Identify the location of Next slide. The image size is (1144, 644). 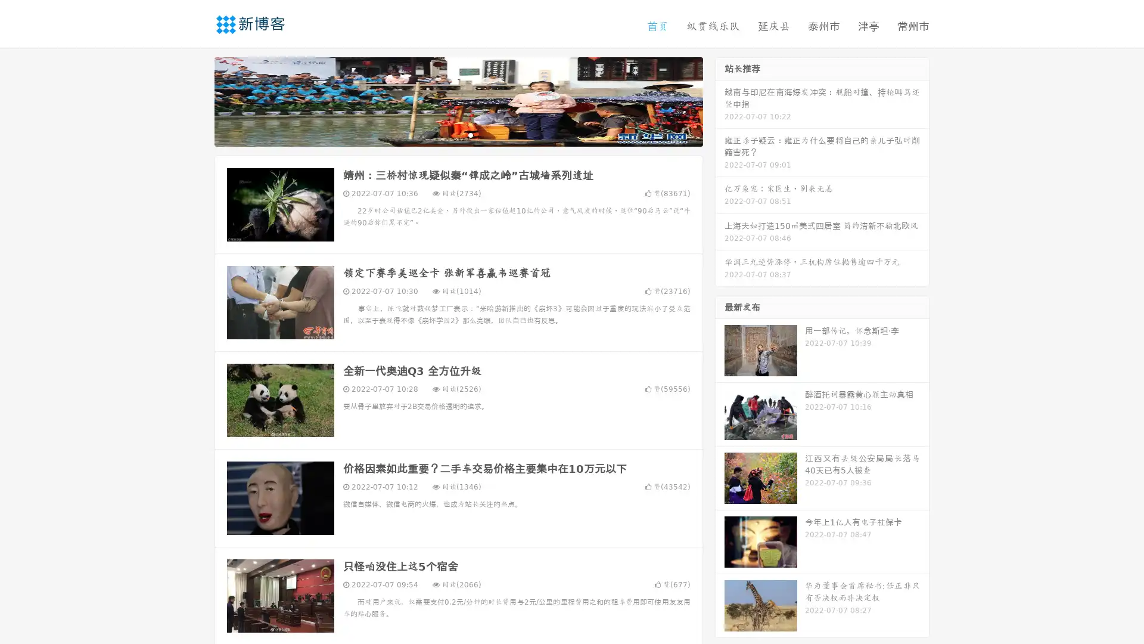
(720, 100).